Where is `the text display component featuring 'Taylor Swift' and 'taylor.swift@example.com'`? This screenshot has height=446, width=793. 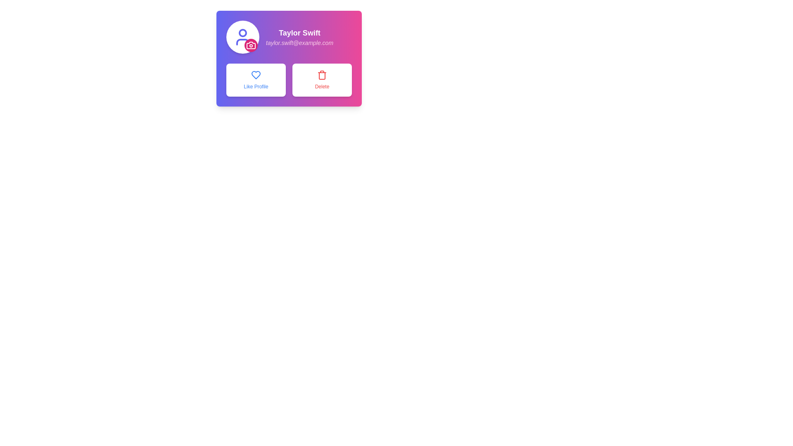 the text display component featuring 'Taylor Swift' and 'taylor.swift@example.com' is located at coordinates (289, 36).